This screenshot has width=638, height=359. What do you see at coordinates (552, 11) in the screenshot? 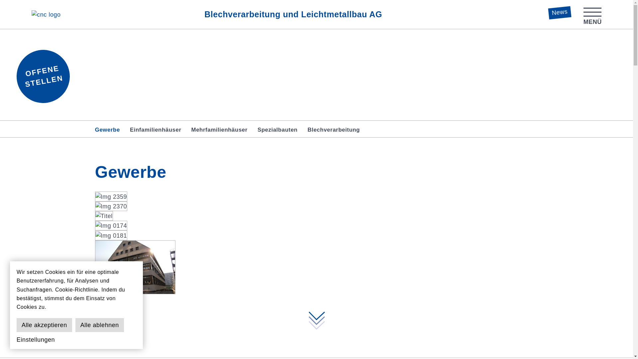
I see `'News'` at bounding box center [552, 11].